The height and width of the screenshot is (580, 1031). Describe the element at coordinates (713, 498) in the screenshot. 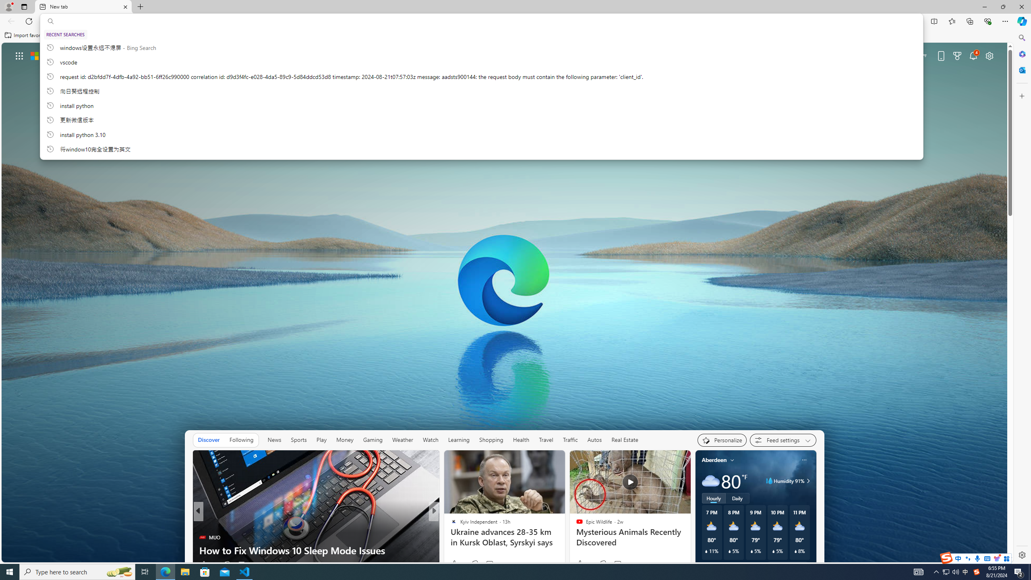

I see `'Hourly'` at that location.